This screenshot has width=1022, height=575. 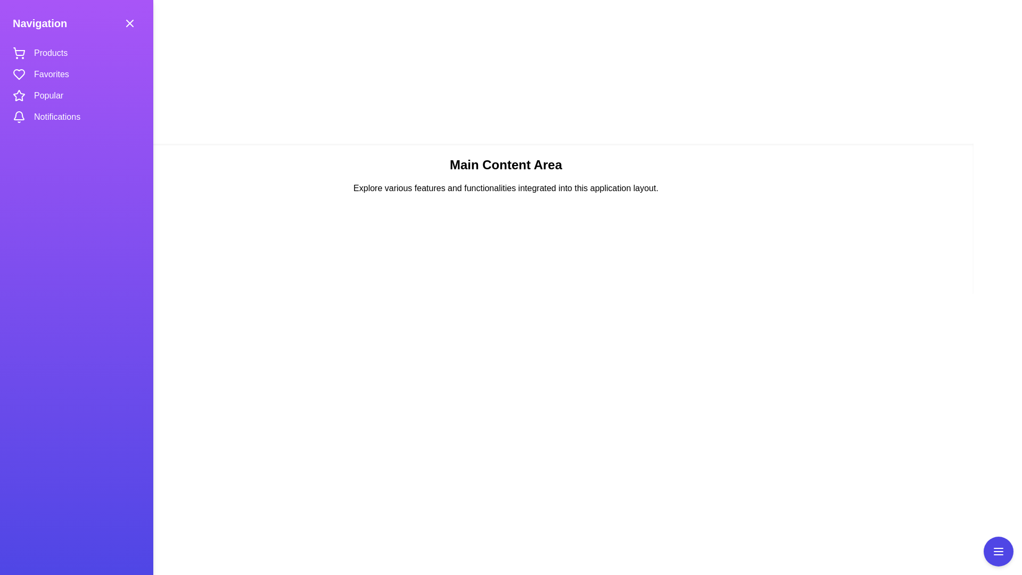 I want to click on the navigation item Notifications to navigate to the corresponding section, so click(x=50, y=117).